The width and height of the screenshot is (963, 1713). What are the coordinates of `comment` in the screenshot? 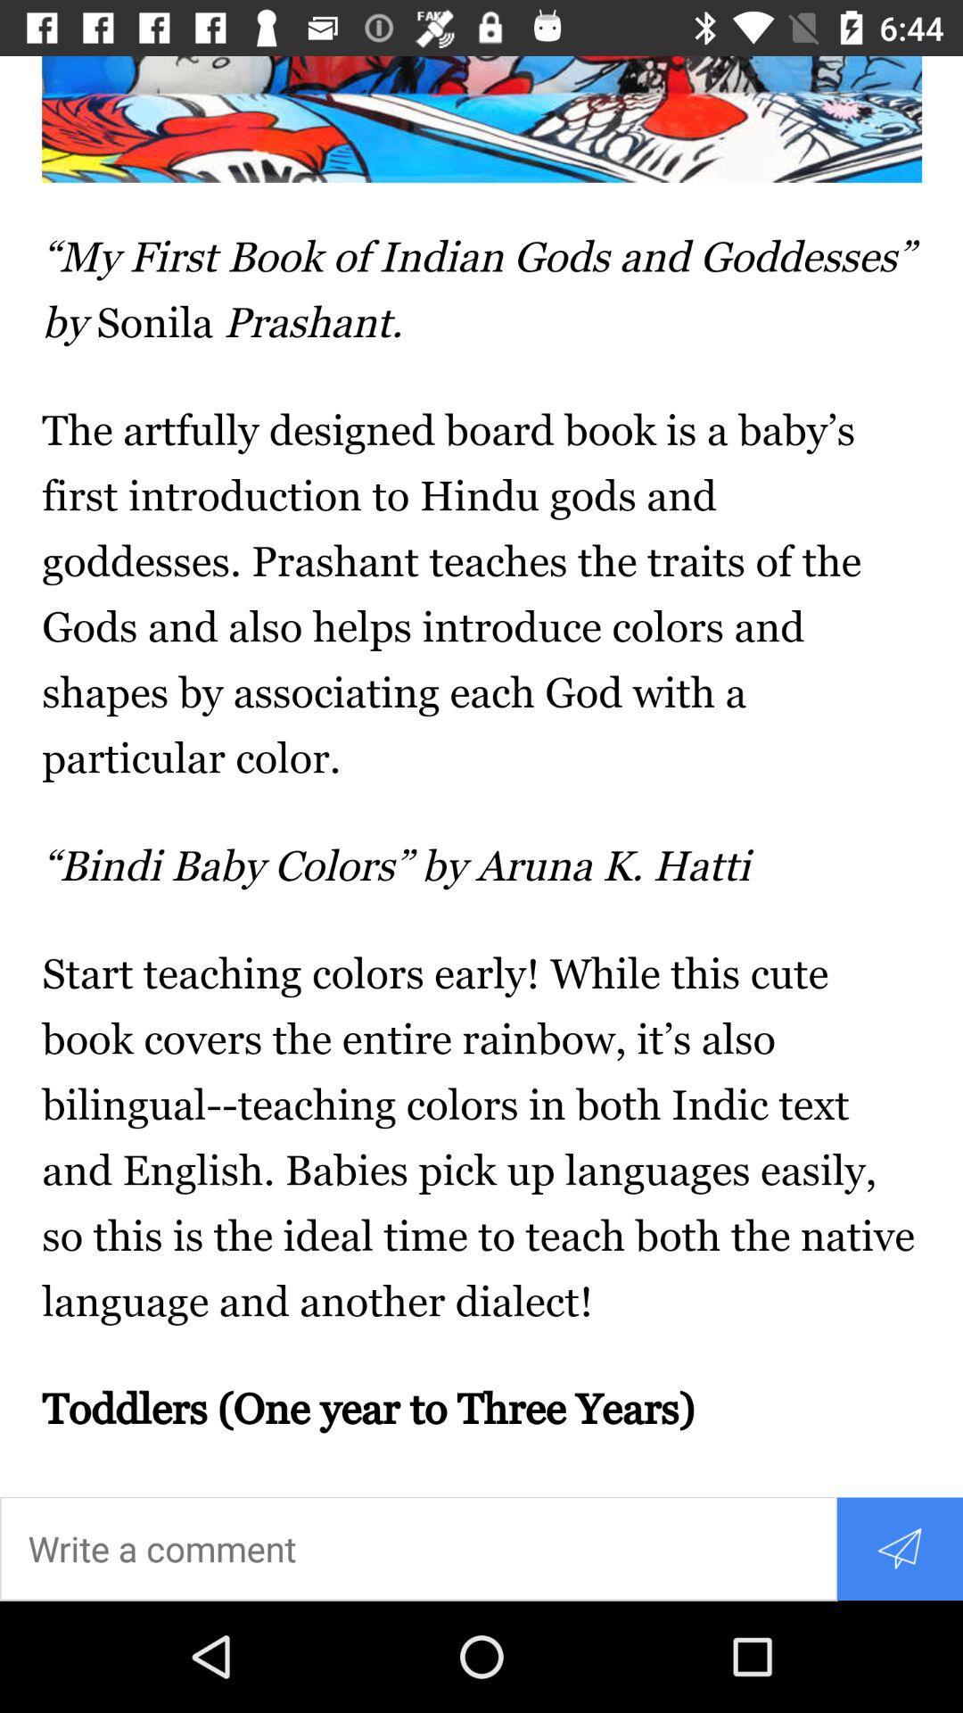 It's located at (418, 1547).